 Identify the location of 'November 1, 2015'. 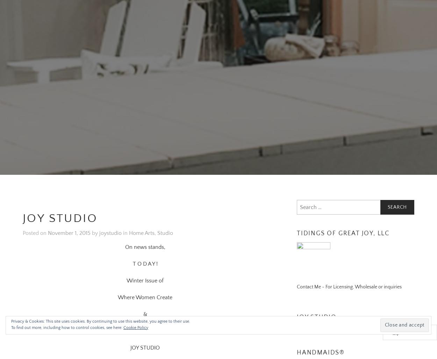
(48, 224).